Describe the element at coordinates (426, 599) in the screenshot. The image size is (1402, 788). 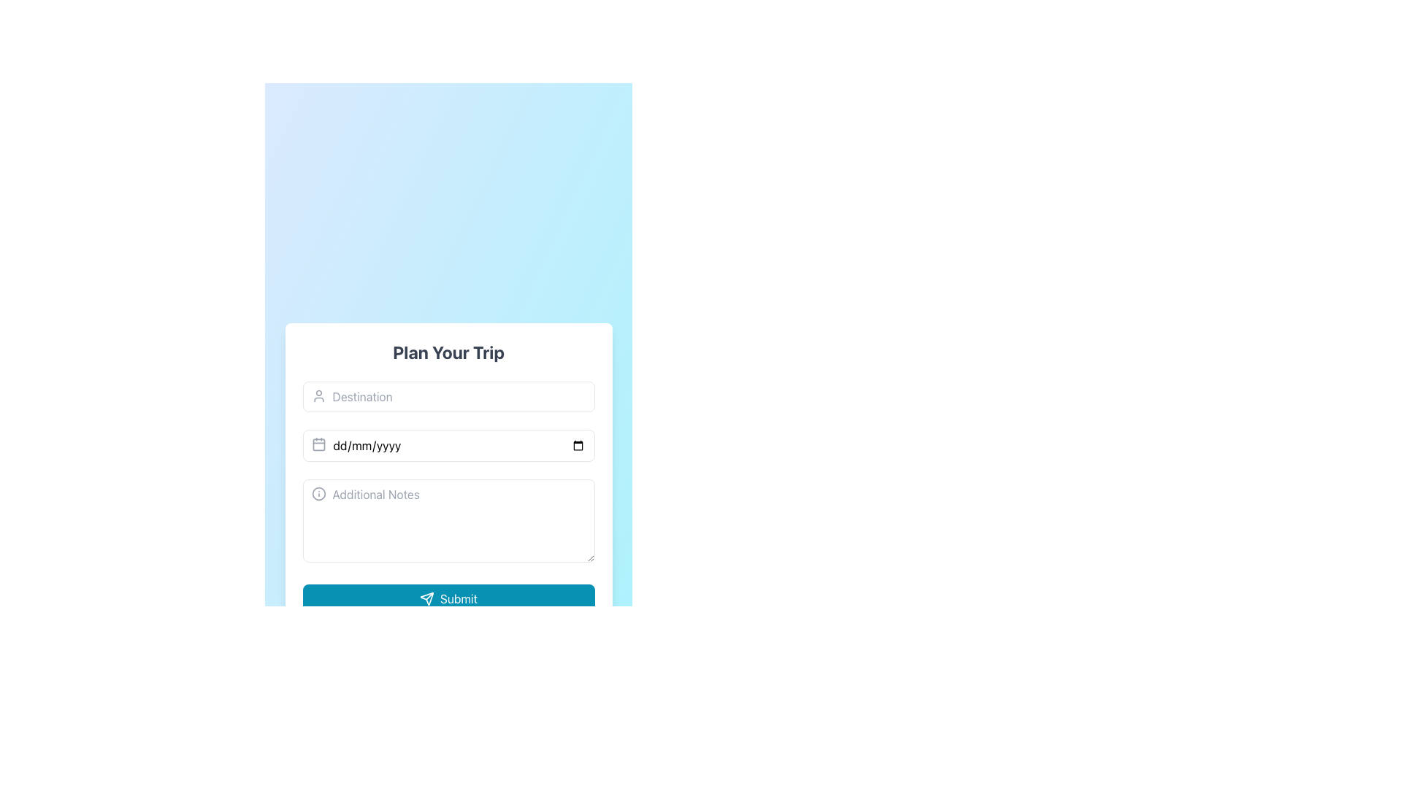
I see `the triangular outline icon resembling a paper airplane located on the left end of the 'Submit' button` at that location.